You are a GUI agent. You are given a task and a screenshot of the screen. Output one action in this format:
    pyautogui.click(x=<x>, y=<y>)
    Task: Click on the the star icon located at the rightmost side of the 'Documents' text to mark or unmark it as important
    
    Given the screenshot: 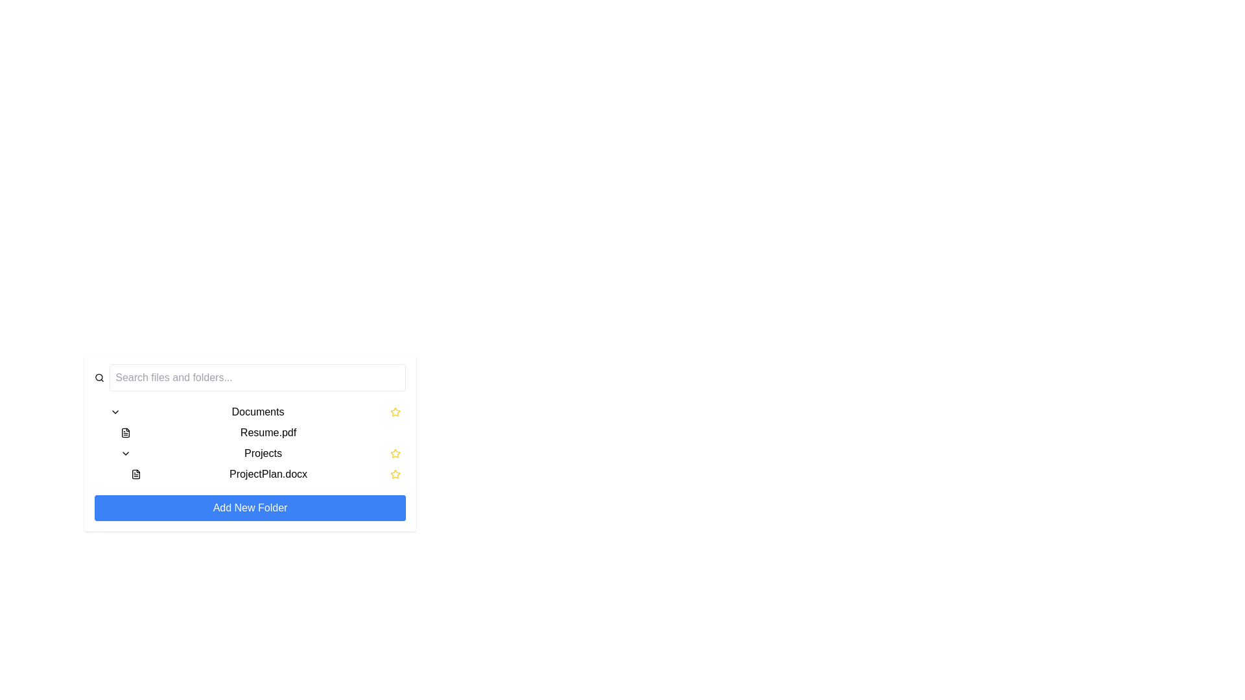 What is the action you would take?
    pyautogui.click(x=394, y=412)
    